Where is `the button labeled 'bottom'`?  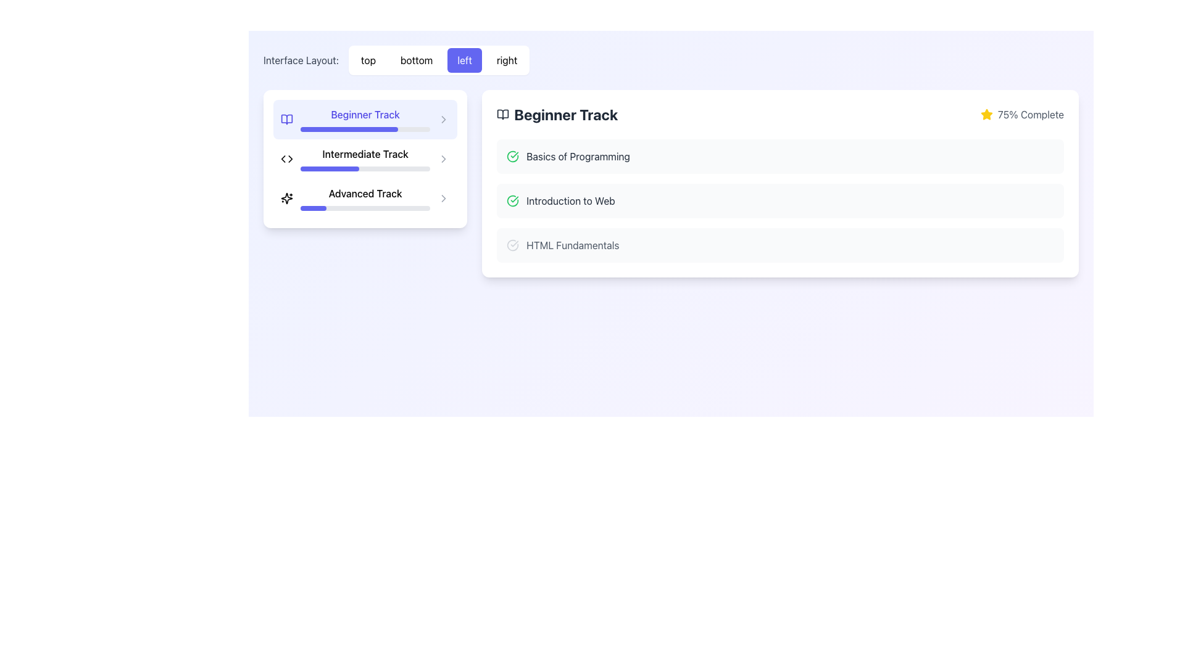 the button labeled 'bottom' is located at coordinates (417, 60).